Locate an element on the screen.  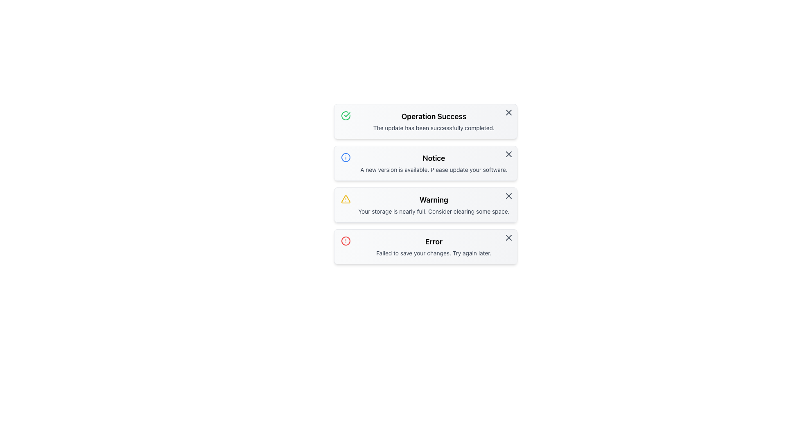
outer circle of the blue circular icon located to the left of the 'Notice' label, which is the second icon in a vertical list of status messages is located at coordinates (346, 158).